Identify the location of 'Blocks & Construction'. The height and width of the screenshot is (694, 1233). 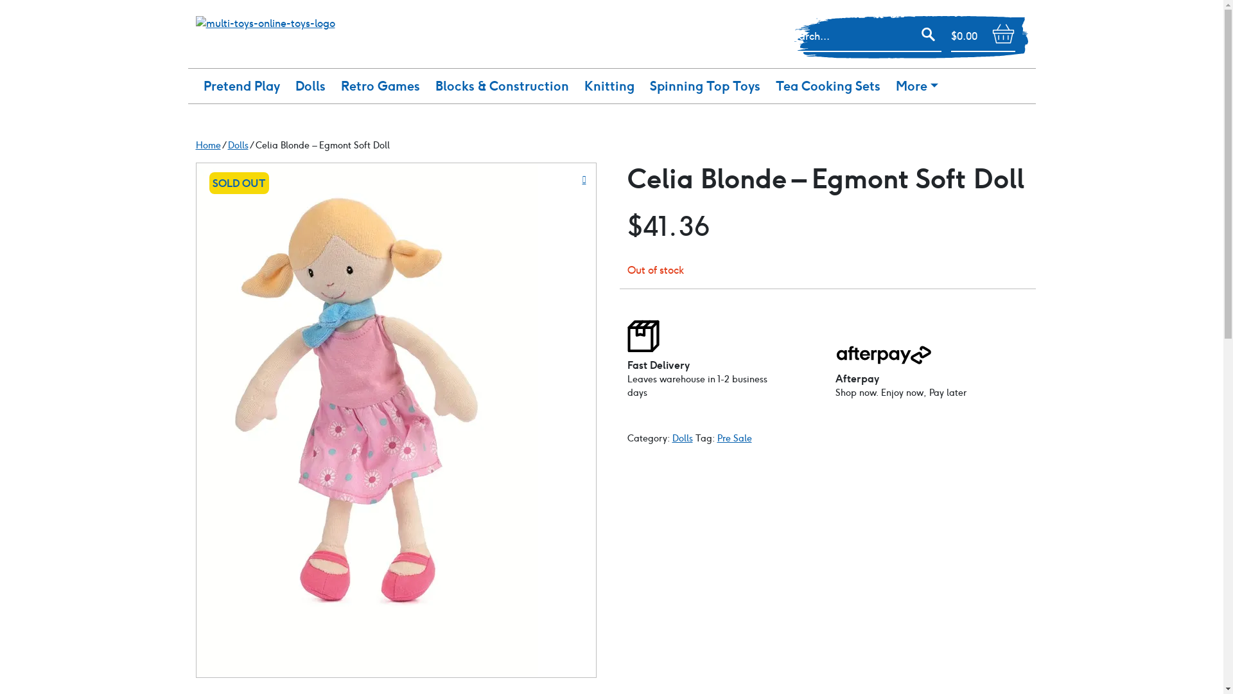
(428, 86).